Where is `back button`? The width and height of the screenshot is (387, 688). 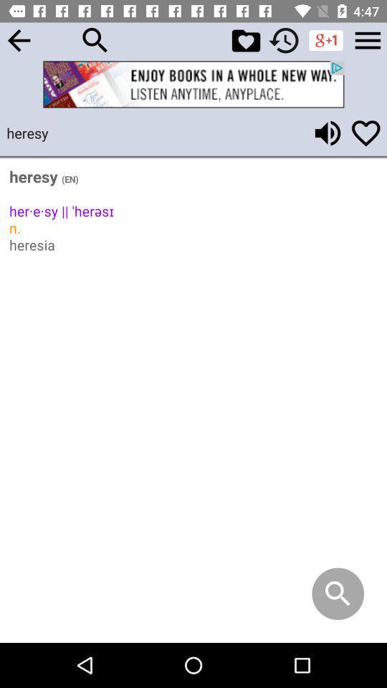 back button is located at coordinates (18, 39).